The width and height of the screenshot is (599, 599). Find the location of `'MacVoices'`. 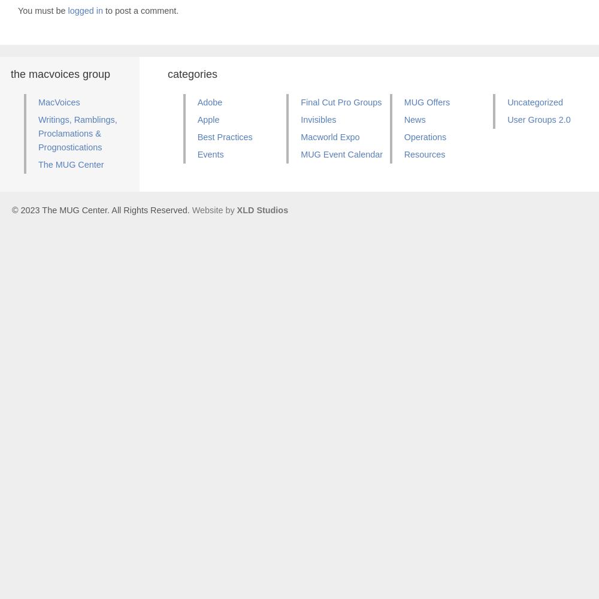

'MacVoices' is located at coordinates (58, 102).